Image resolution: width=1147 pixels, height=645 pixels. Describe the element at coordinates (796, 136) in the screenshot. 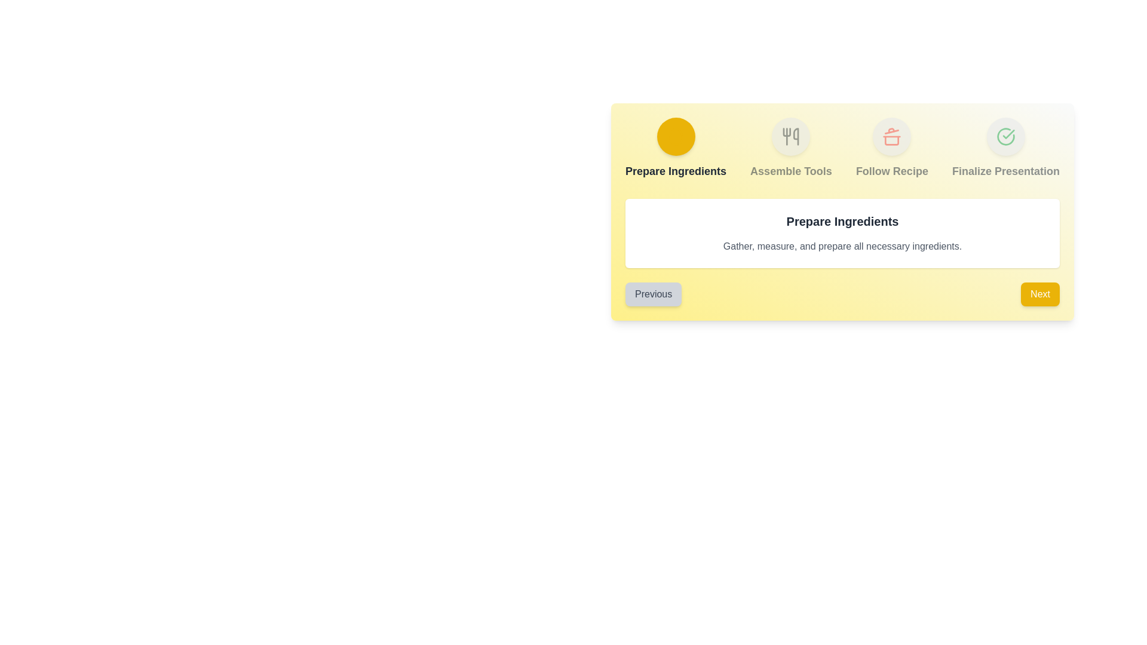

I see `the vertical line or handle of the utensils icon located on the right side of the graphic within the yellow navigation bar` at that location.